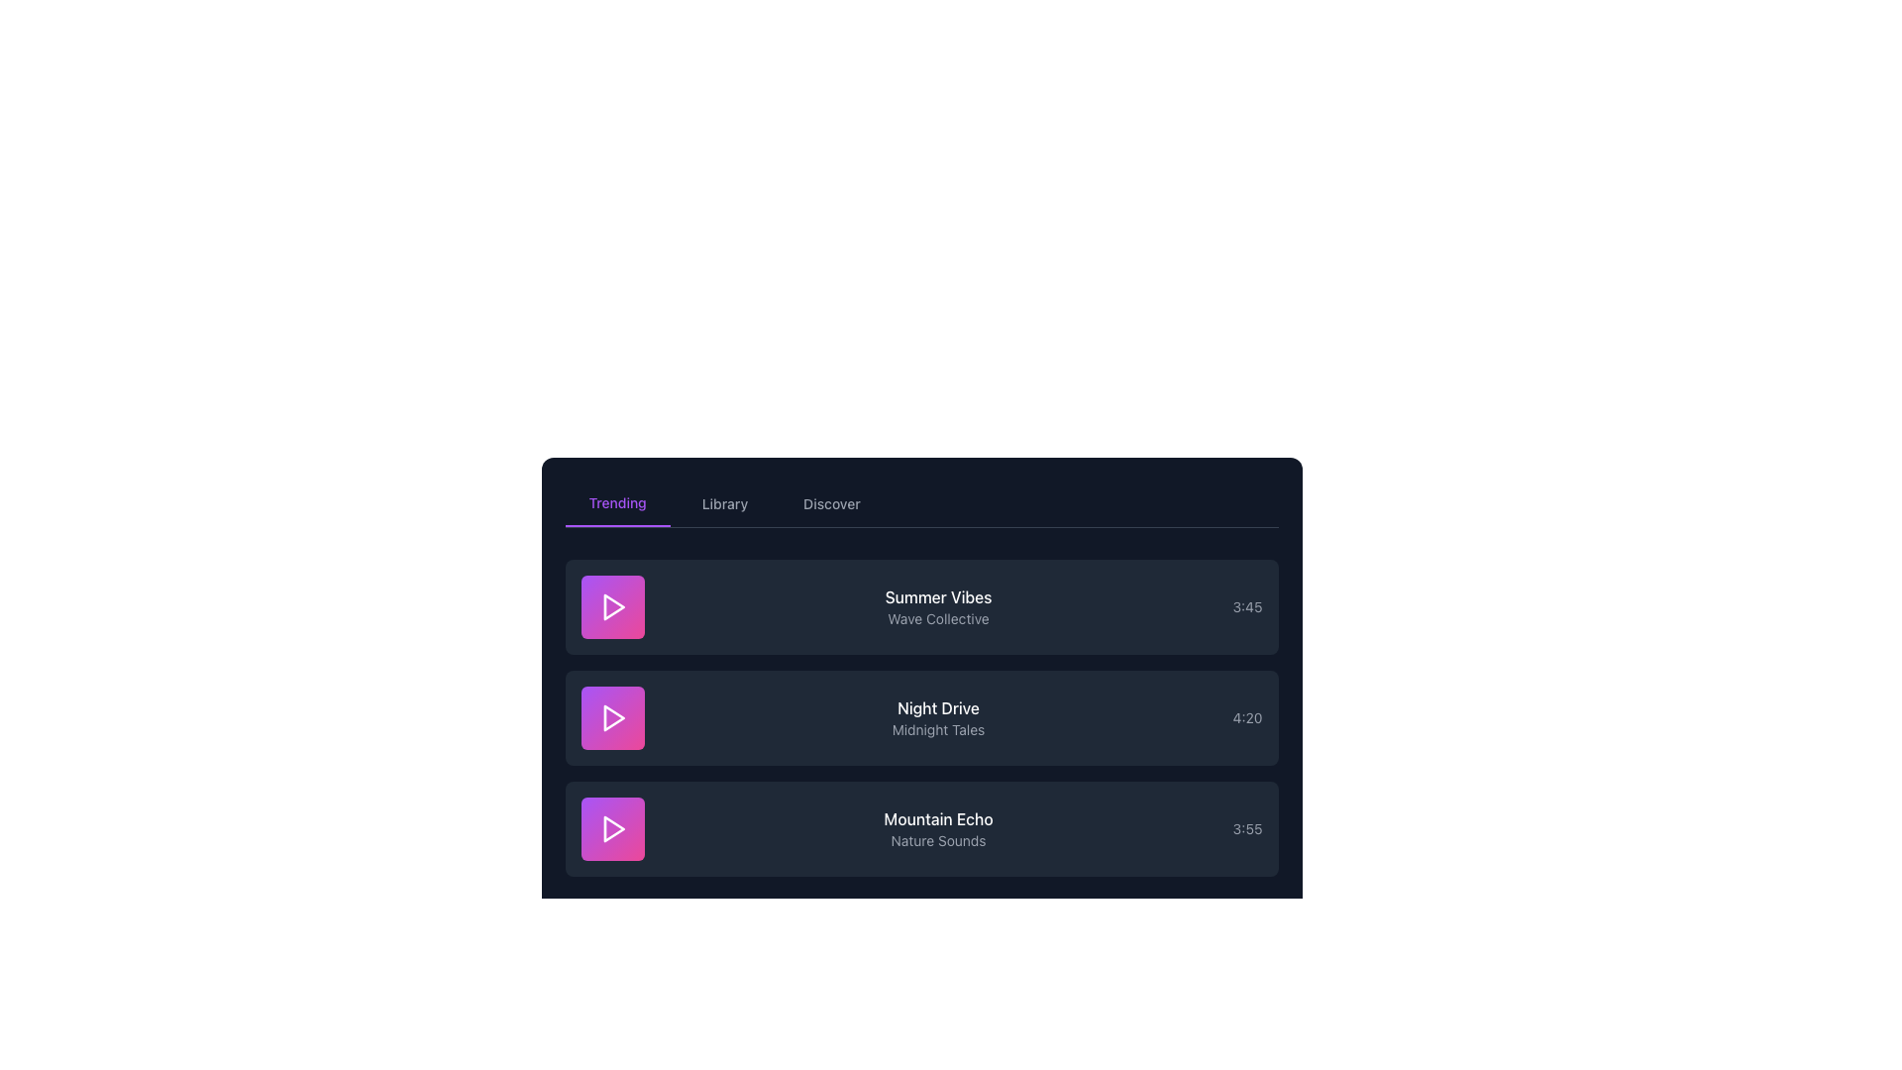 The image size is (1902, 1070). I want to click on the 'Trending' tab, which is the first tab in a horizontal navigation bar styled with a bold purple font, so click(616, 503).